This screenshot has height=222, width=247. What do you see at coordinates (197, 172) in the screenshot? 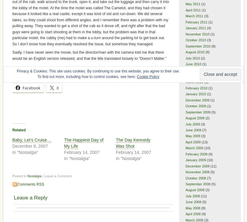
I see `'November 2008'` at bounding box center [197, 172].